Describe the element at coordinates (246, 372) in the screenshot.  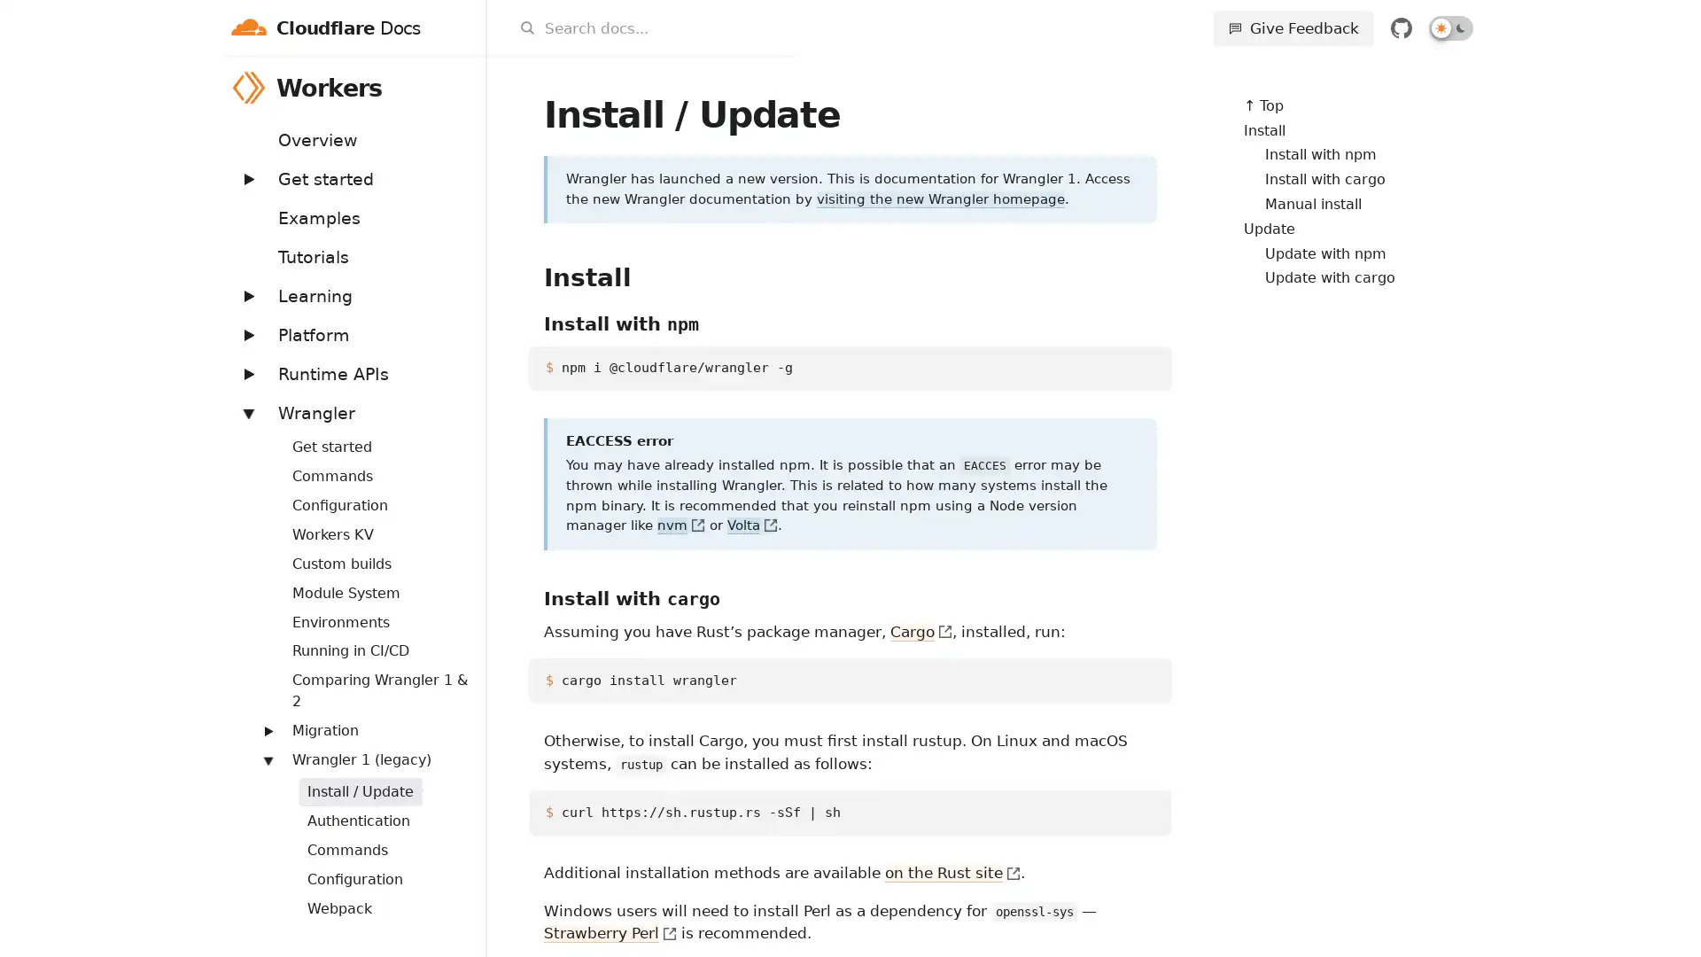
I see `Expand: Runtime APIs` at that location.